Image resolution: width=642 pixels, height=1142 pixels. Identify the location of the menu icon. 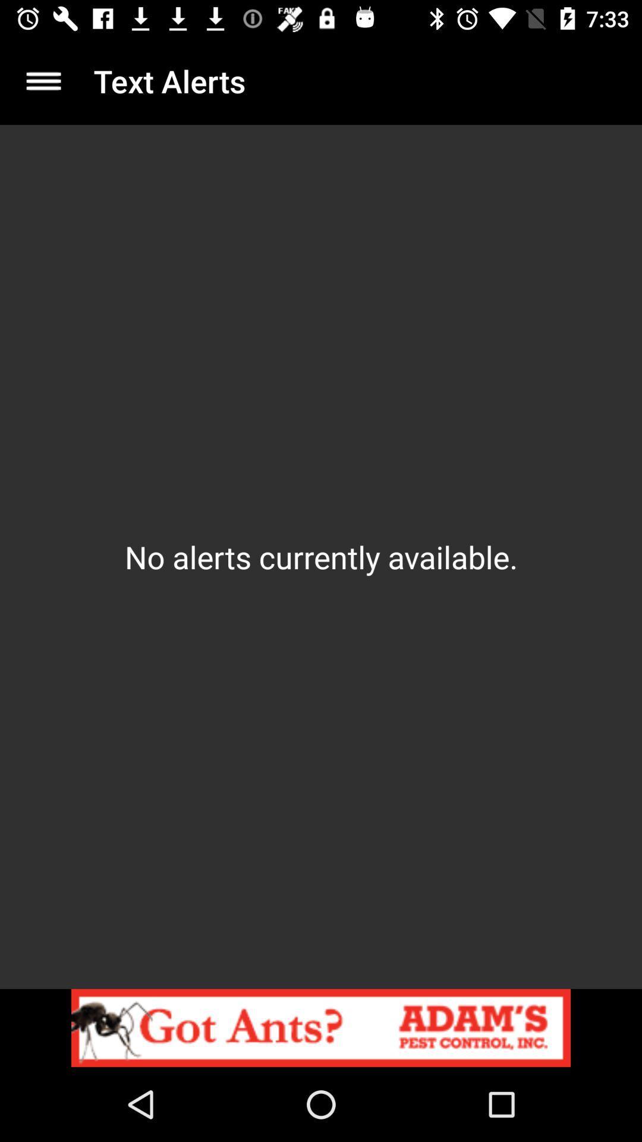
(43, 80).